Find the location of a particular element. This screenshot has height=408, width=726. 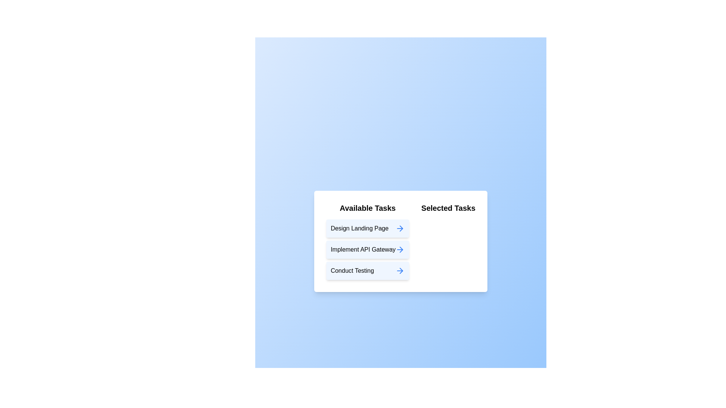

the task item labeled 'Conduct Testing' in the 'Available Tasks' list to move it to the 'Selected Tasks' list is located at coordinates (368, 270).